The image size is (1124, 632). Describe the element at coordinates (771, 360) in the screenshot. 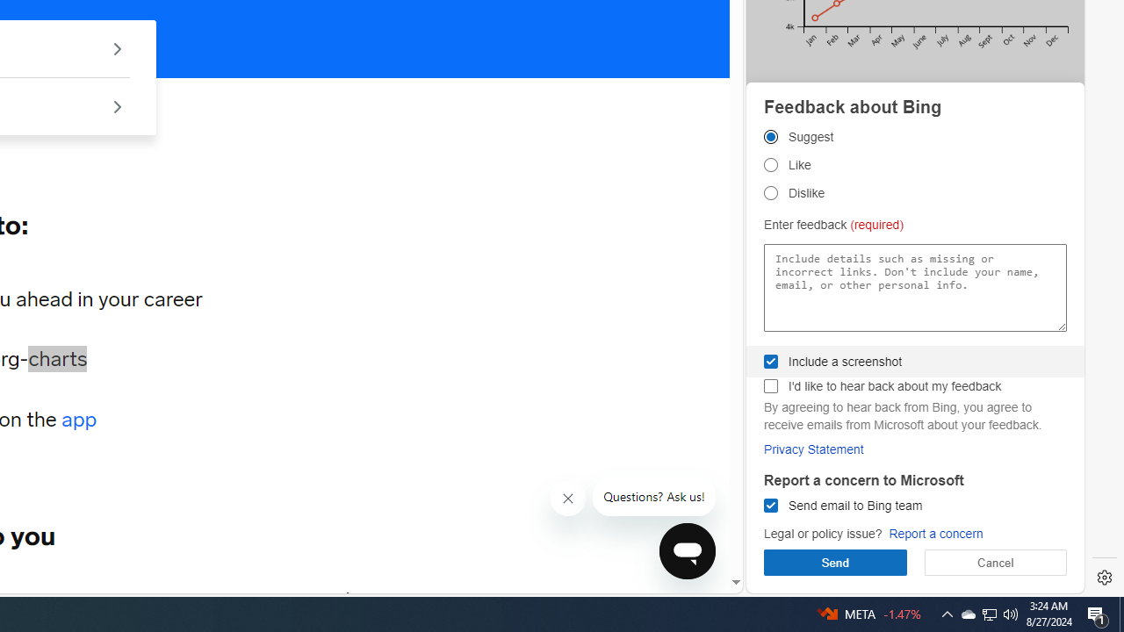

I see `'Include a screenshot'` at that location.